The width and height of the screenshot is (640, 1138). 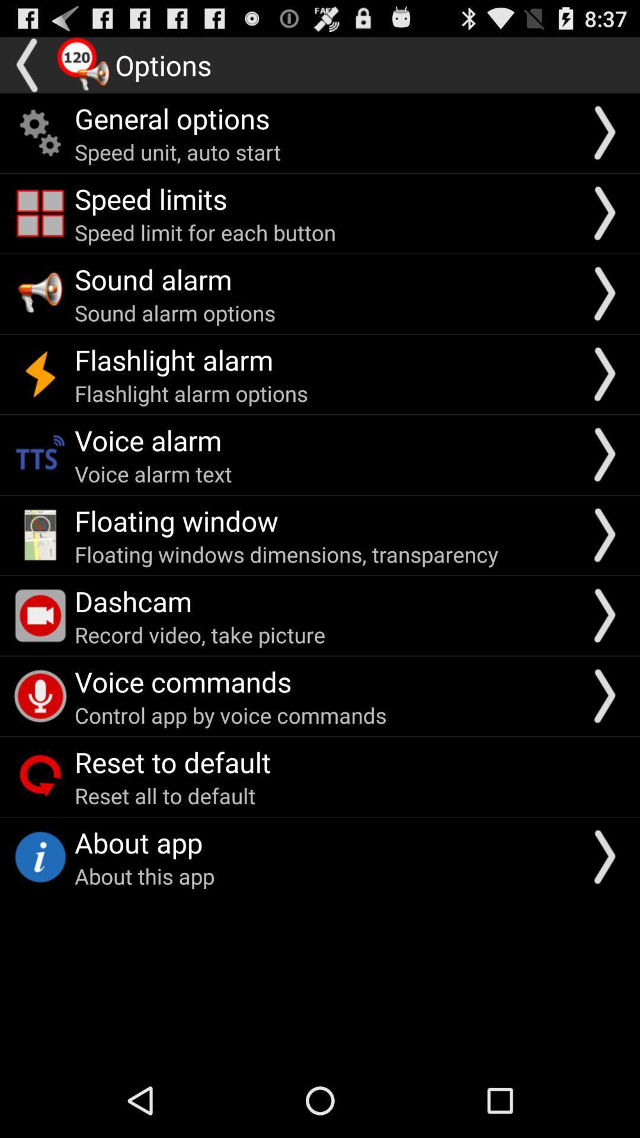 What do you see at coordinates (178, 151) in the screenshot?
I see `item below general options` at bounding box center [178, 151].